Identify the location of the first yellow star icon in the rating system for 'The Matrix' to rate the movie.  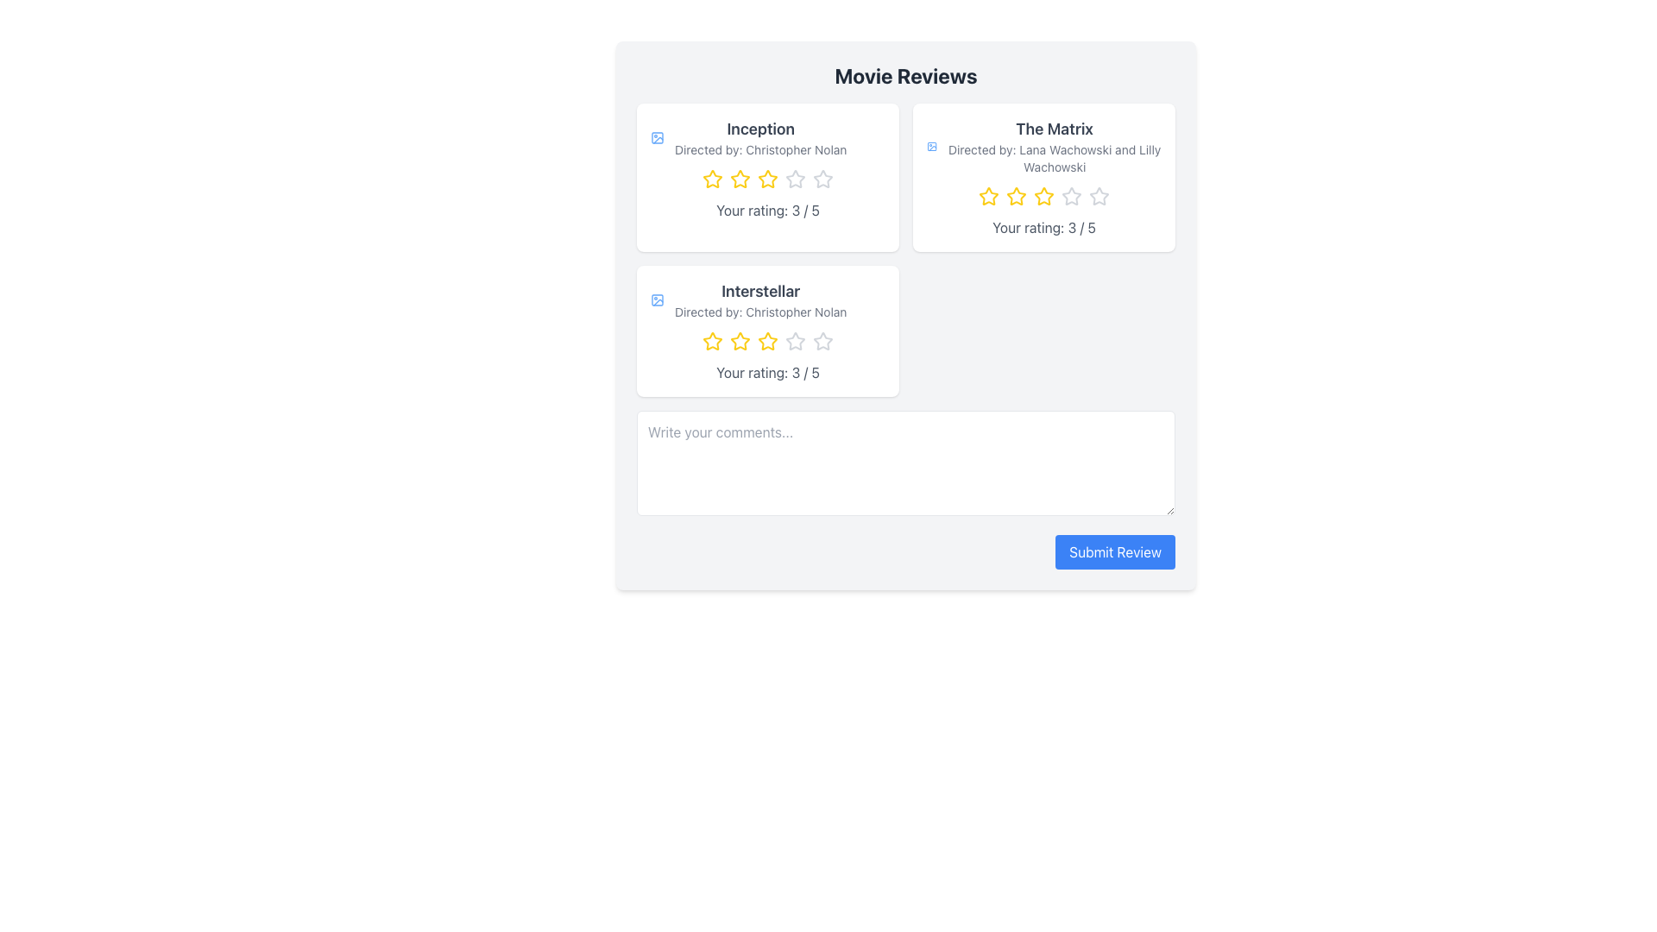
(988, 195).